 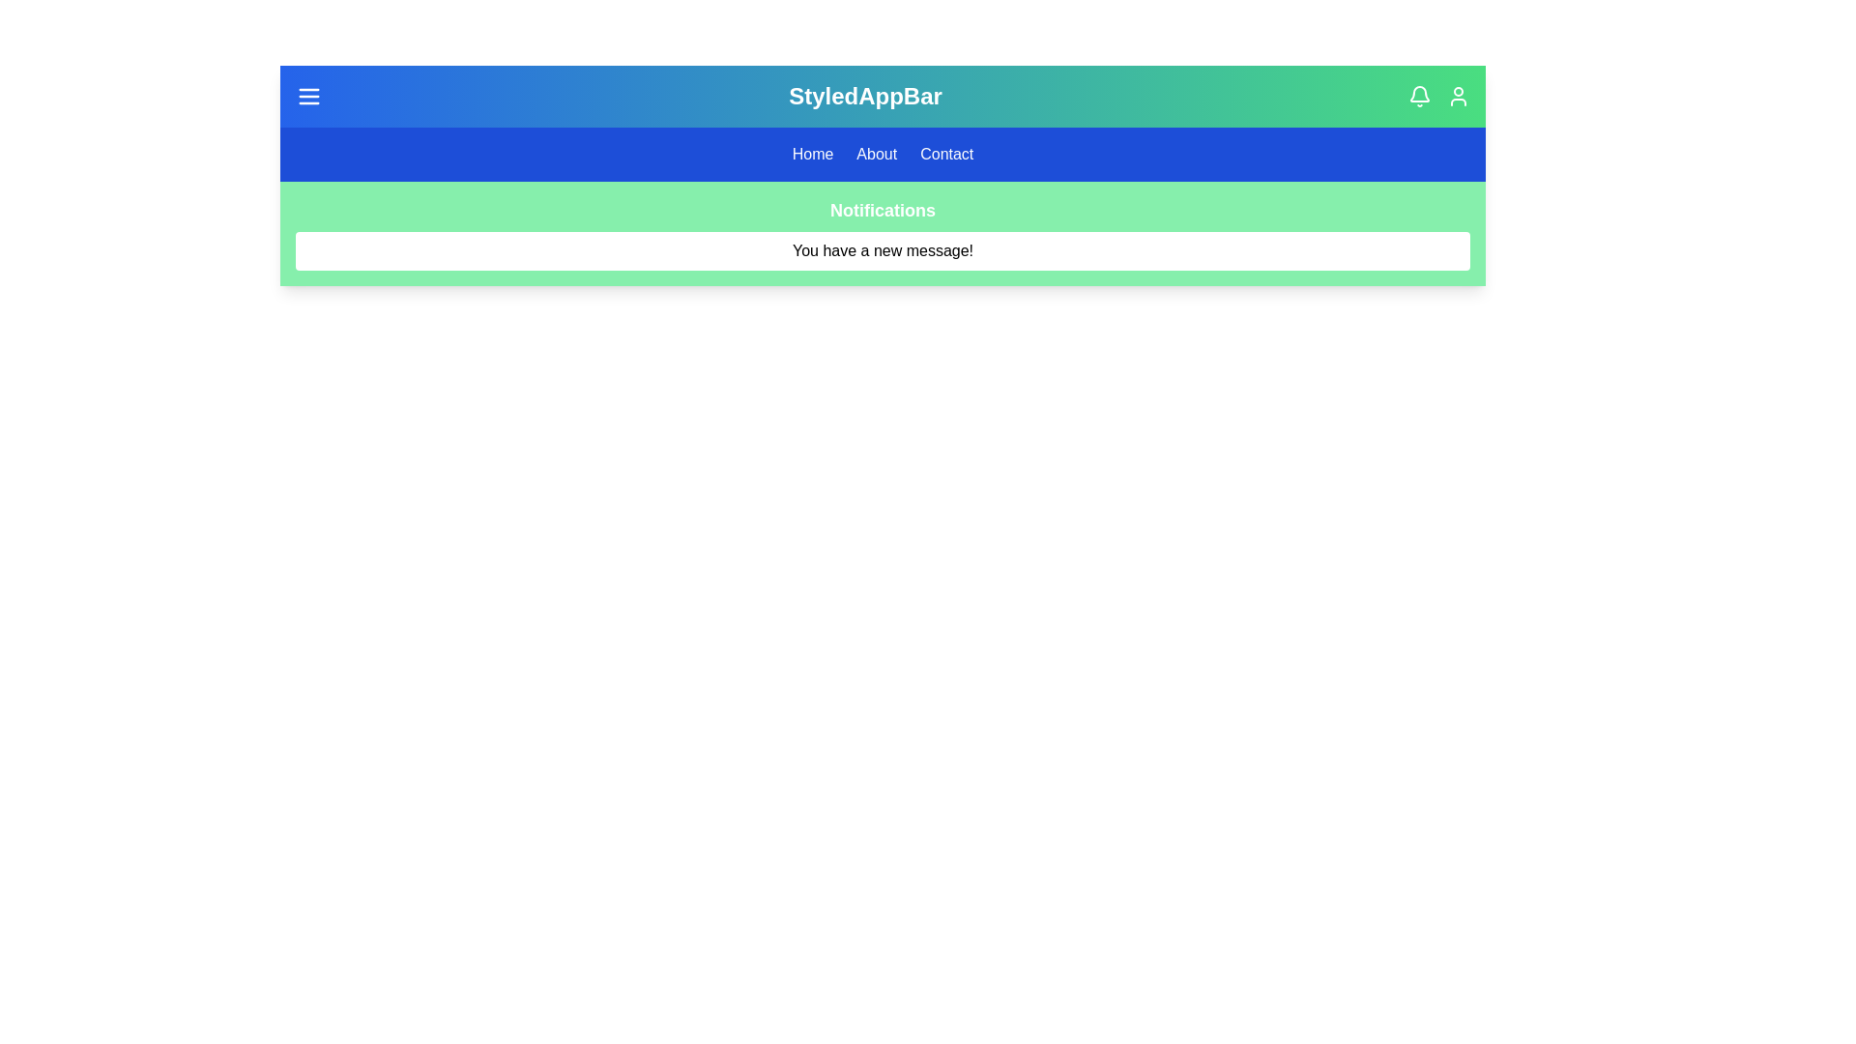 I want to click on the 'Home' navigation link, which is a white text label on a blue background, so click(x=812, y=153).